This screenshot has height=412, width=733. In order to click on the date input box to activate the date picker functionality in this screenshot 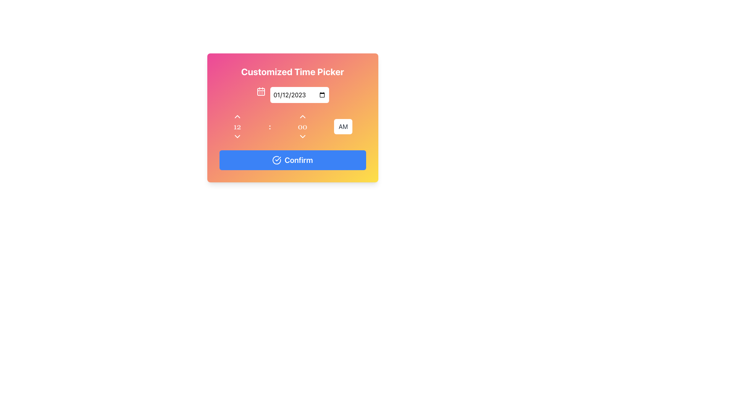, I will do `click(299, 95)`.